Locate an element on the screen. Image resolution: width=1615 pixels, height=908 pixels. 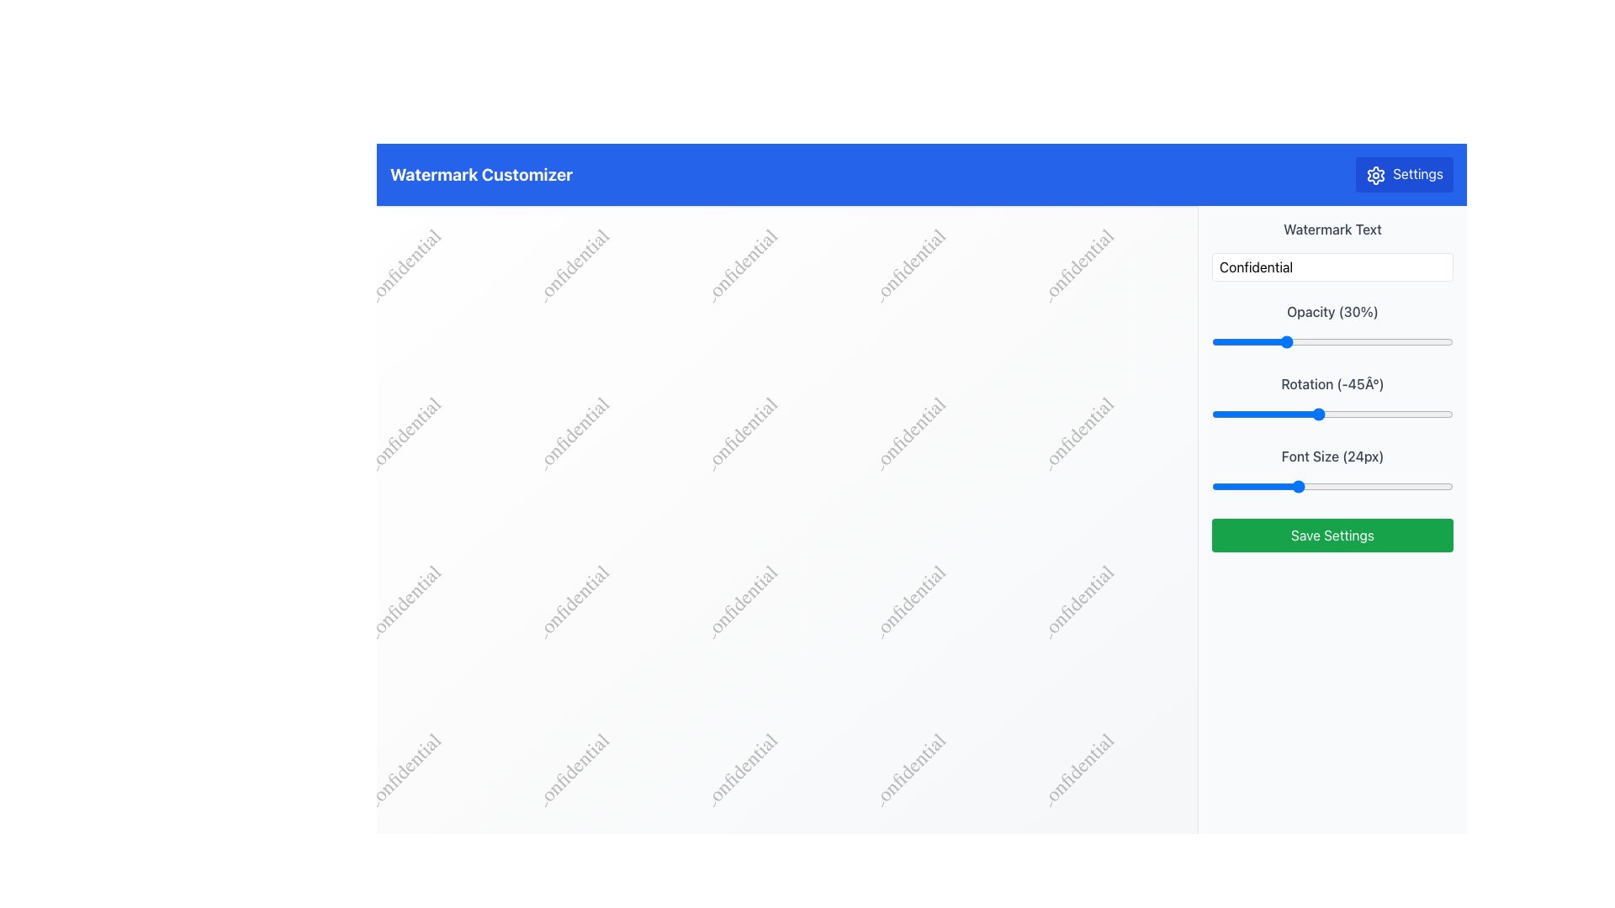
the opacity is located at coordinates (1288, 340).